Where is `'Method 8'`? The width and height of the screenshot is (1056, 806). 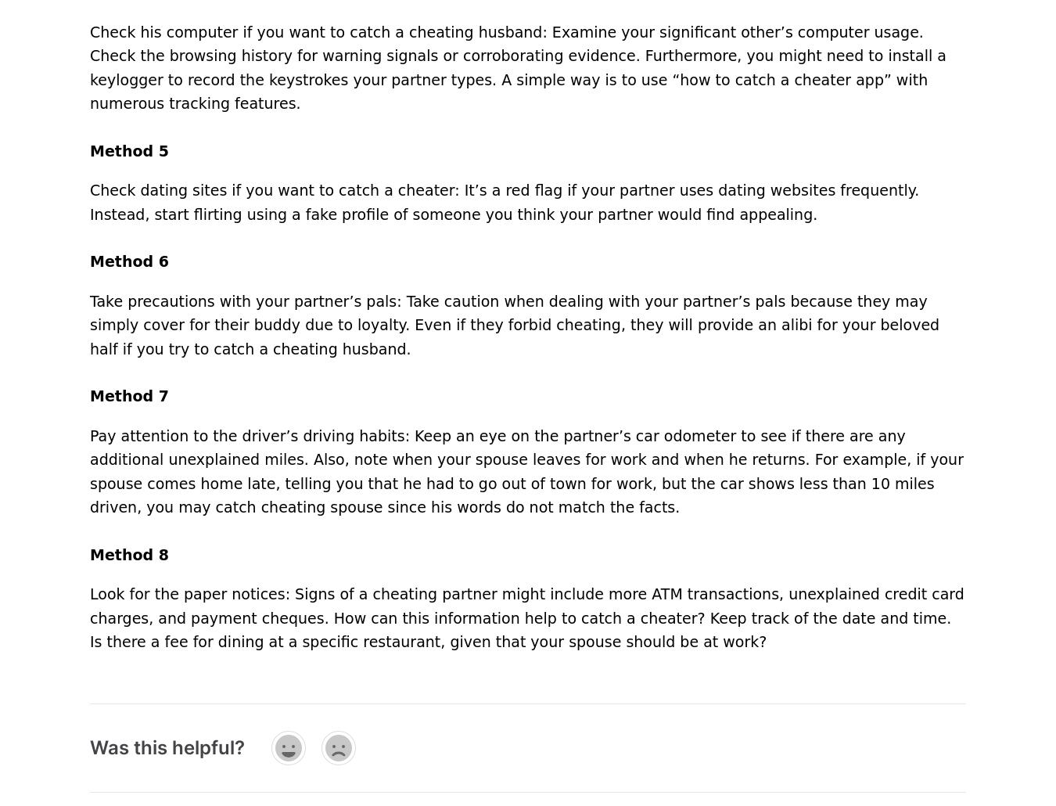
'Method 8' is located at coordinates (128, 554).